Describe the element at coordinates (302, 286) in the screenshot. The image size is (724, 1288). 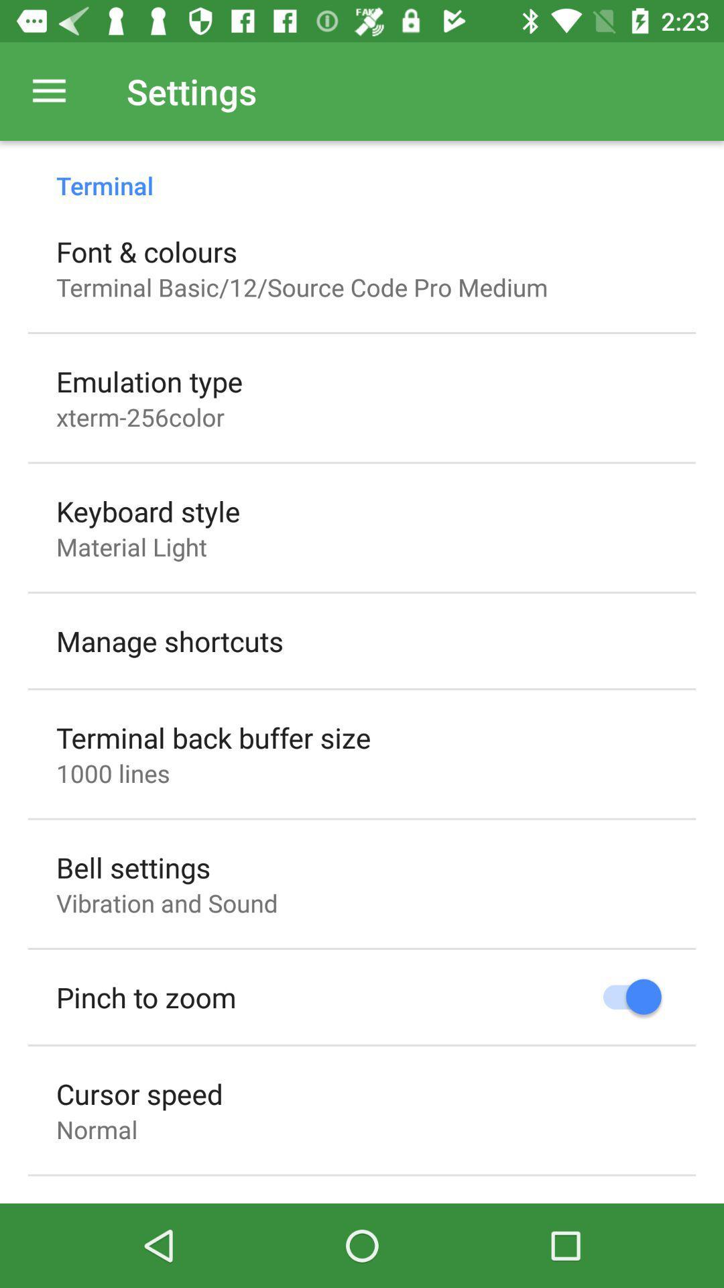
I see `item below the font & colours` at that location.